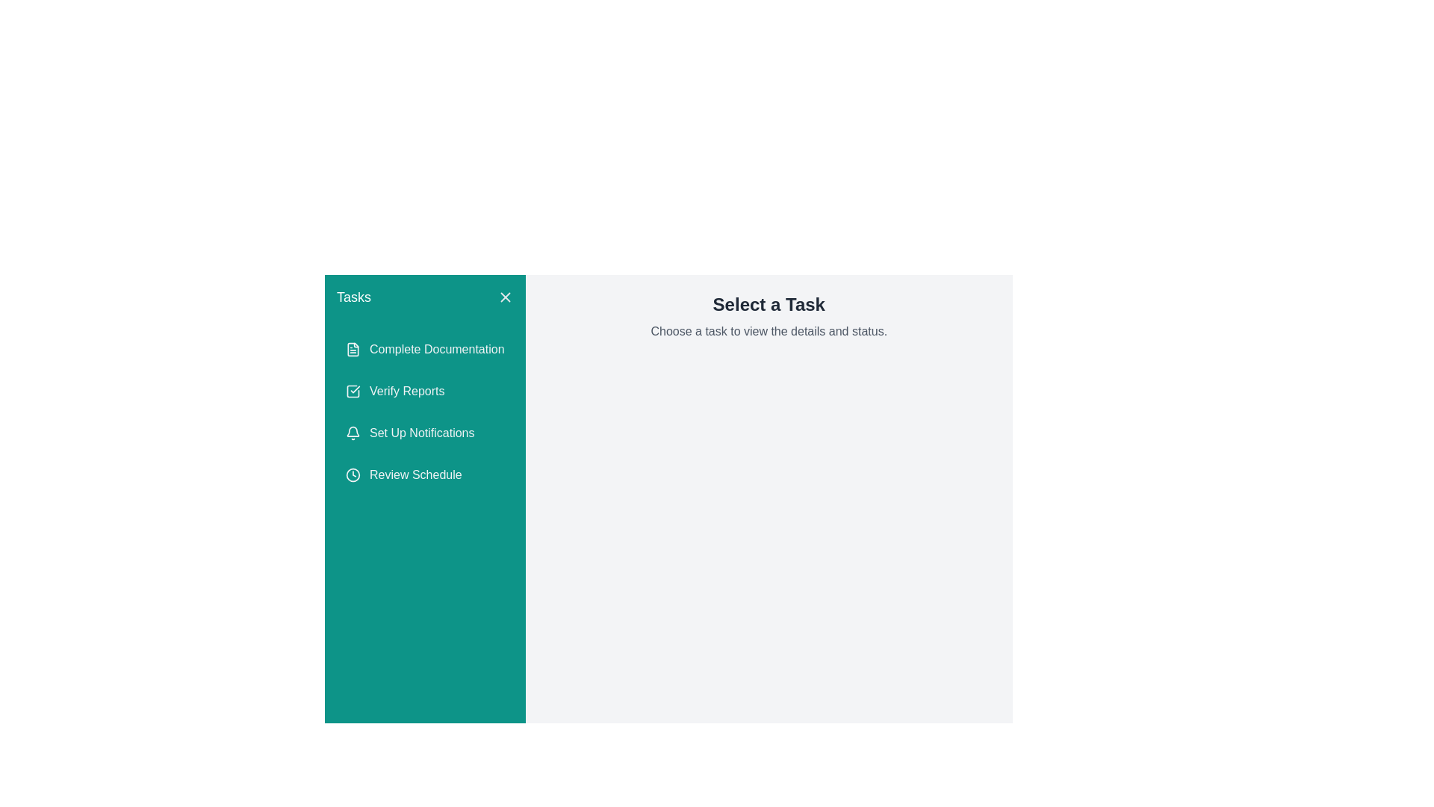  Describe the element at coordinates (424, 433) in the screenshot. I see `the 'Set Up Notifications' button, which is the third item in the vertical list within the teal sidebar, featuring a notification bell icon and white text` at that location.